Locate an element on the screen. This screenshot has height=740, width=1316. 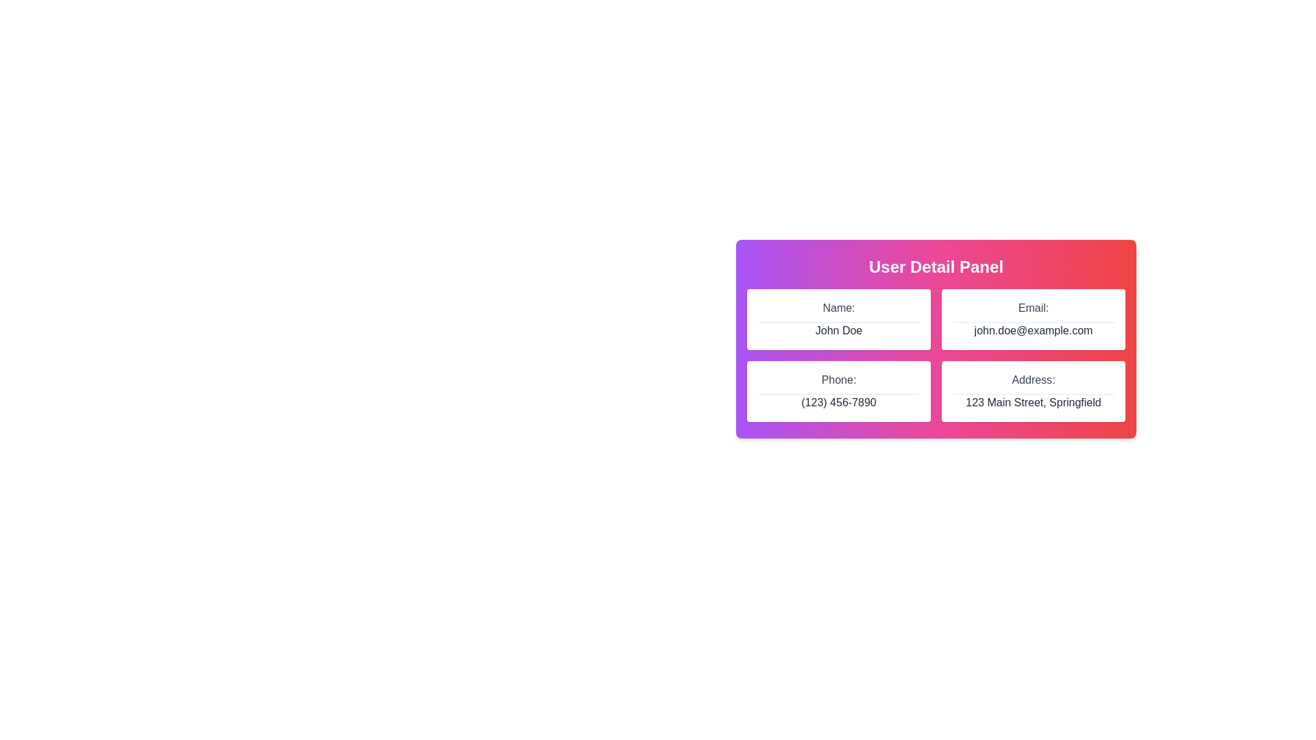
the Text label displaying the phone number located beneath the 'Phone:' label in the bottom-left section of the user detail panel is located at coordinates (838, 402).